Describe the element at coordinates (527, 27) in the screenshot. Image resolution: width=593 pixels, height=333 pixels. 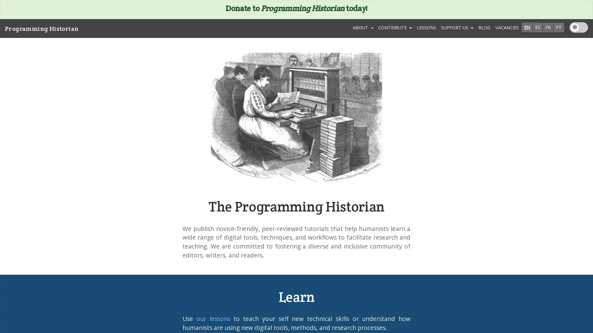
I see `EN` at that location.